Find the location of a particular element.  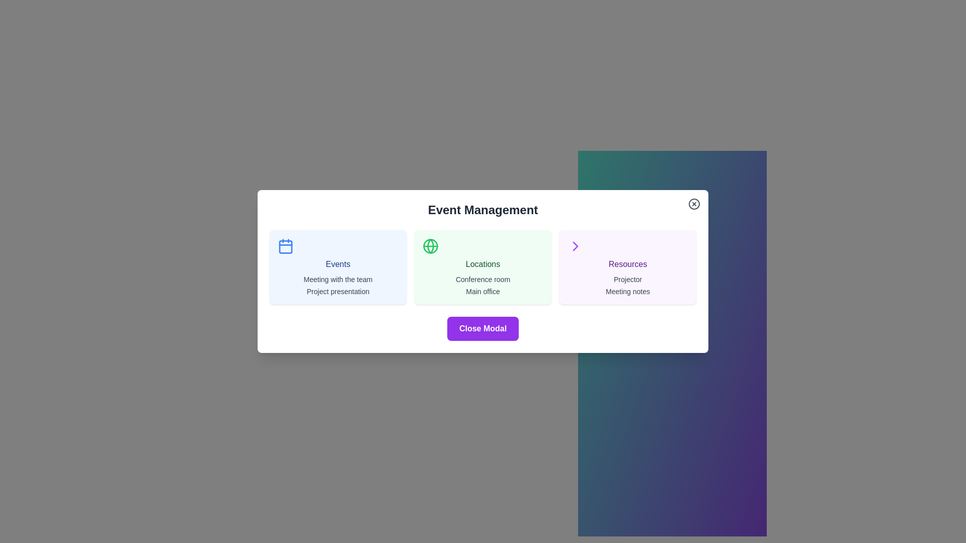

the circular icon with a green outline that is centered within the globe icon in the 'Locations' section of the modal is located at coordinates (430, 246).